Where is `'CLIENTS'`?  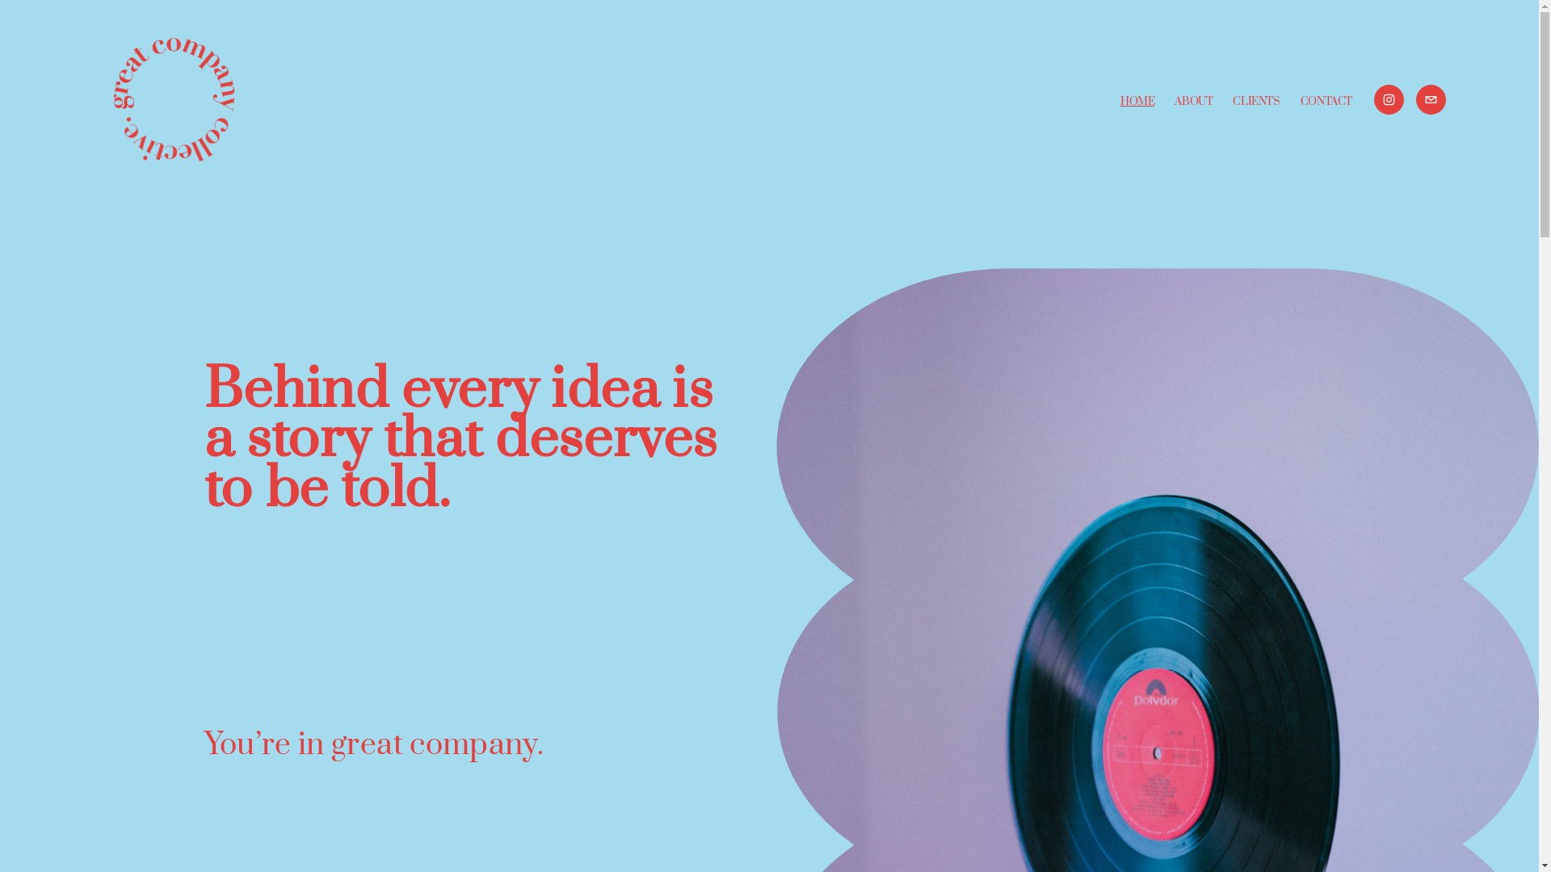 'CLIENTS' is located at coordinates (1255, 102).